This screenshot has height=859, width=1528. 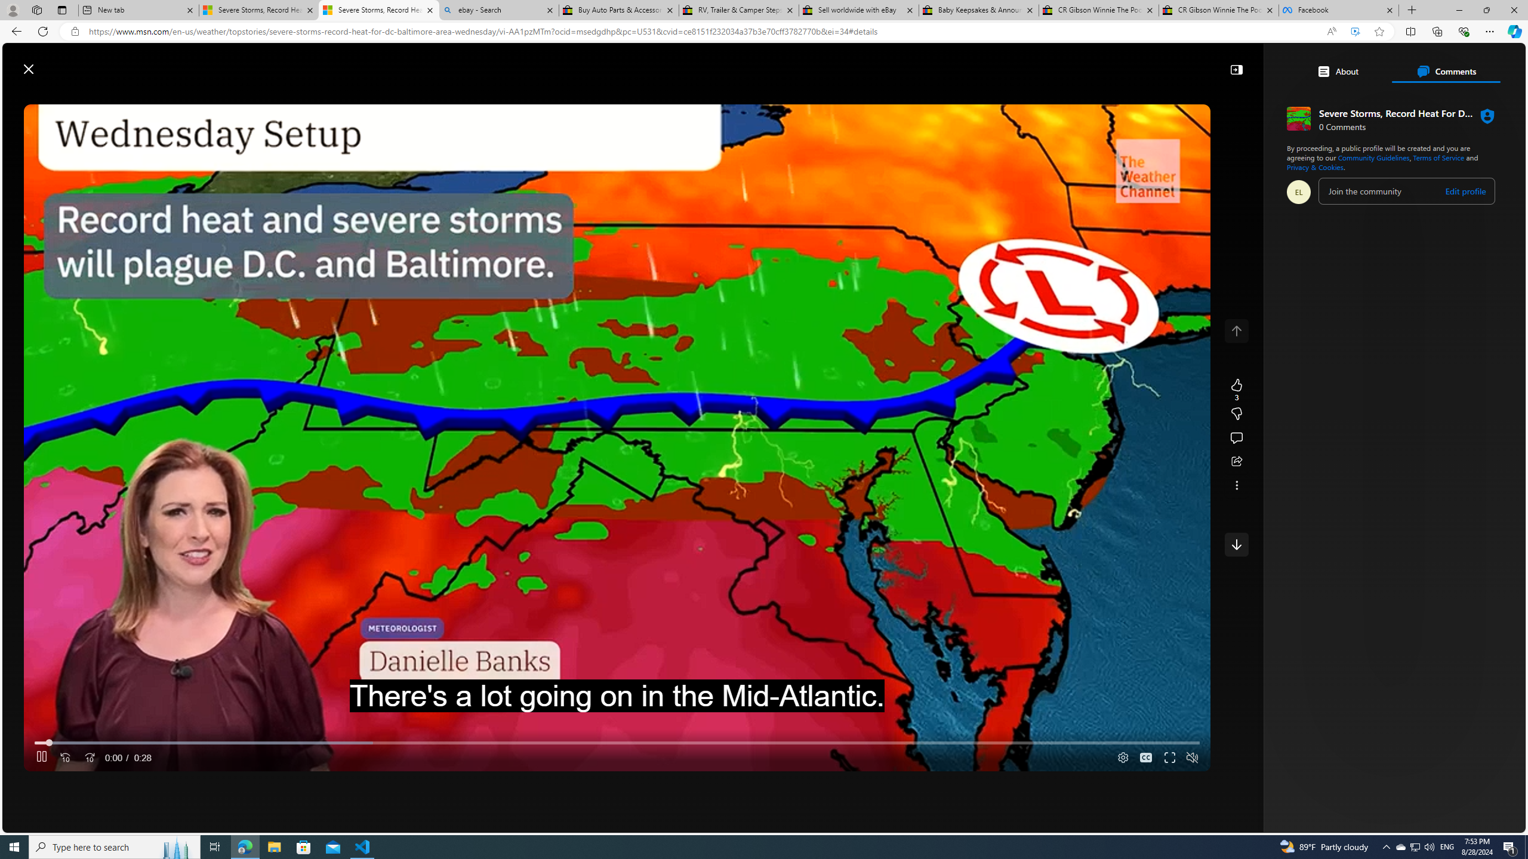 I want to click on 'See more', so click(x=1236, y=484).